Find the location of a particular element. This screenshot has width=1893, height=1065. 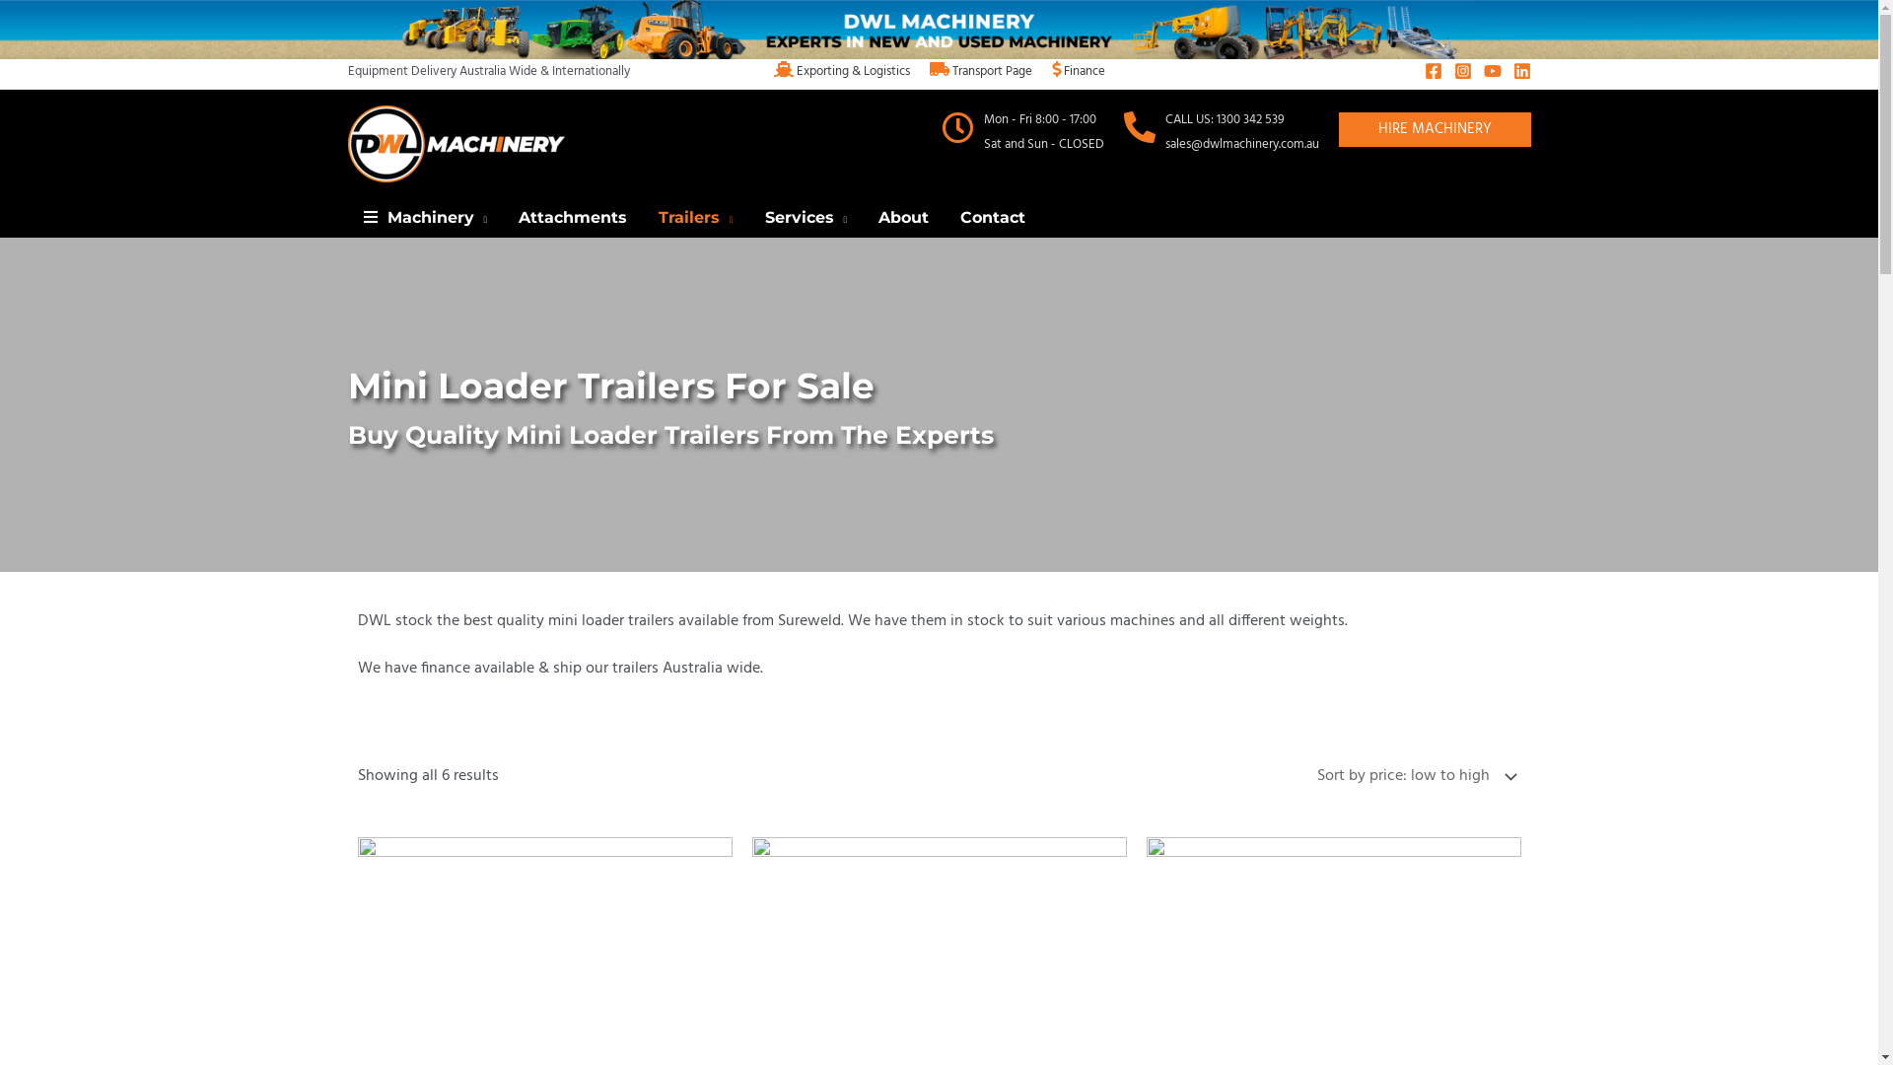

'HIRE MACHINERY' is located at coordinates (1339, 129).